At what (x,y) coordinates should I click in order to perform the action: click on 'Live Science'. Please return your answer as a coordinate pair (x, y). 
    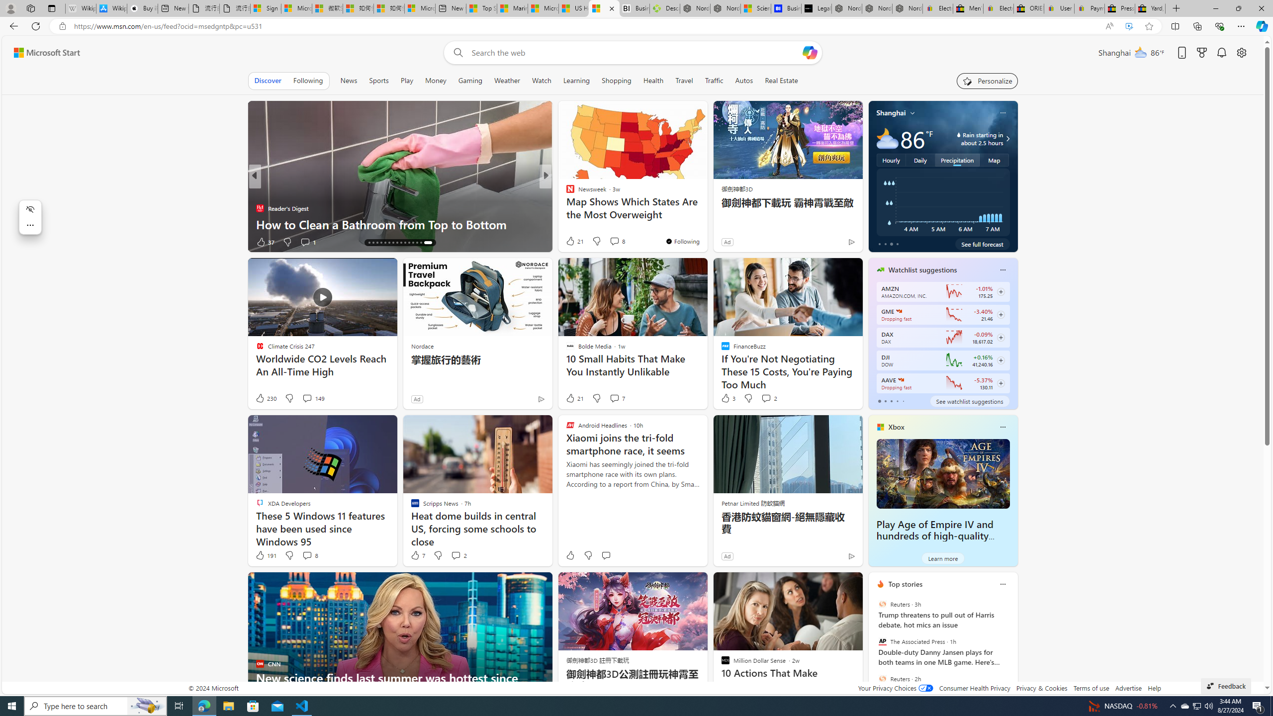
    Looking at the image, I should click on (565, 208).